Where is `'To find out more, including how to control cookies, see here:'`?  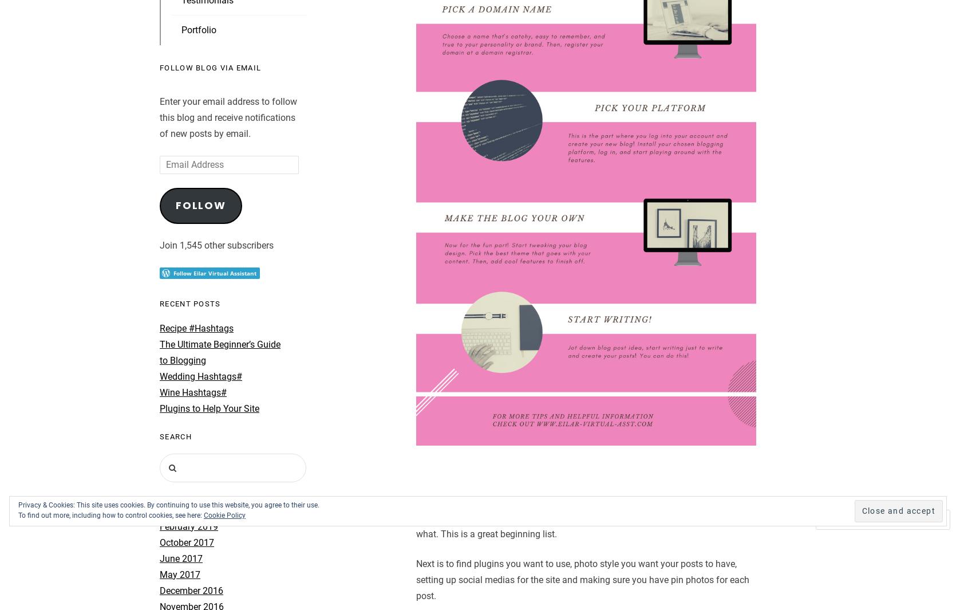 'To find out more, including how to control cookies, see here:' is located at coordinates (111, 515).